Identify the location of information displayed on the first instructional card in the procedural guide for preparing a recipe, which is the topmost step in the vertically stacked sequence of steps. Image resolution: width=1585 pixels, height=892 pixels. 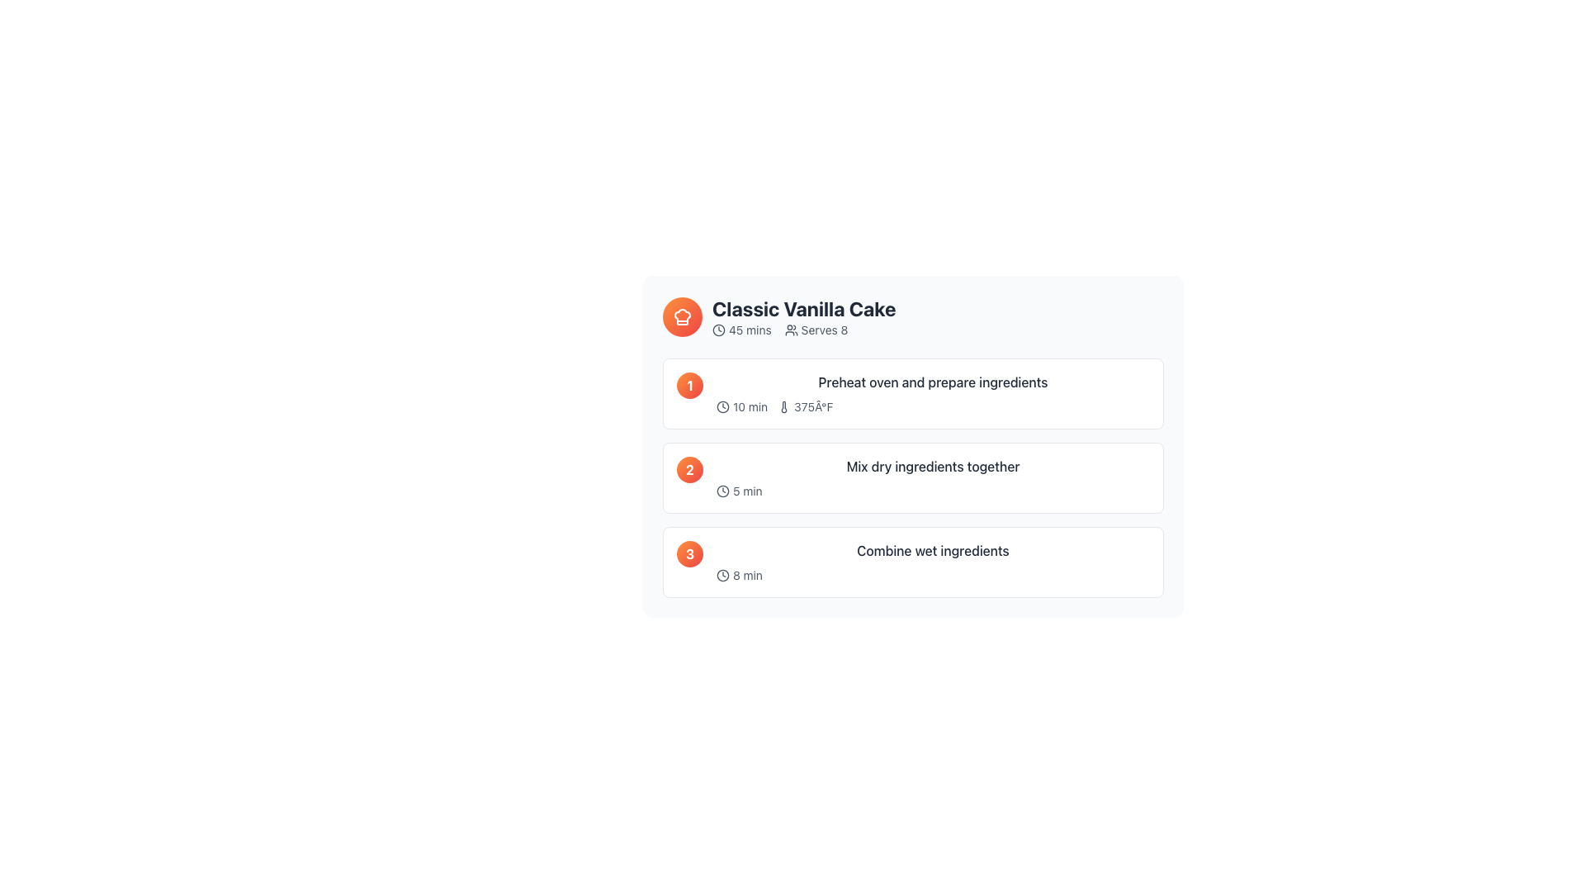
(912, 394).